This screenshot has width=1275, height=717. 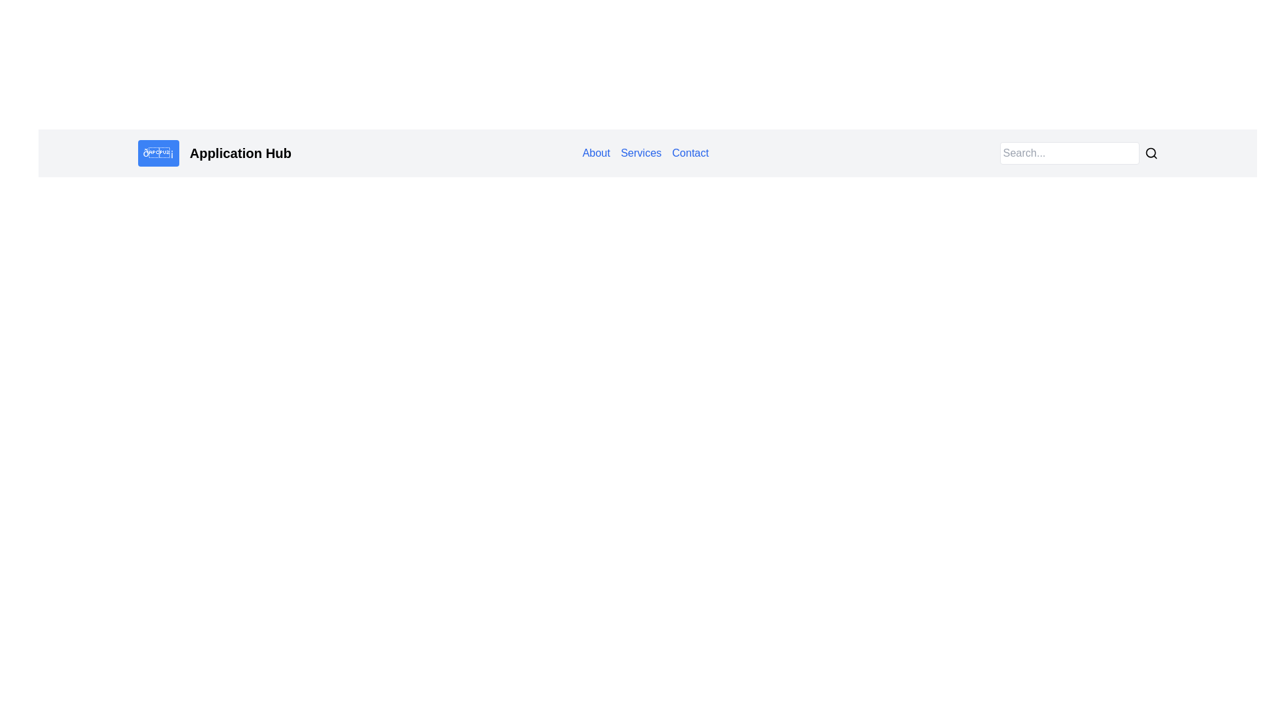 I want to click on the hyperlink in the horizontal navigation menu that provides information about services, located centrally in the header, as the second item after 'About' and before 'Contact', so click(x=641, y=153).